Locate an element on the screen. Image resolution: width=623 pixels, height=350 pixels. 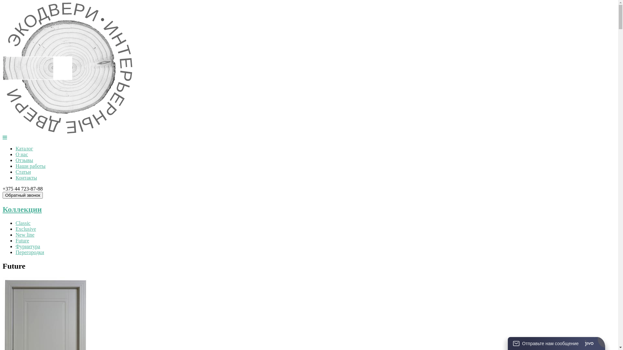
'New line' is located at coordinates (25, 235).